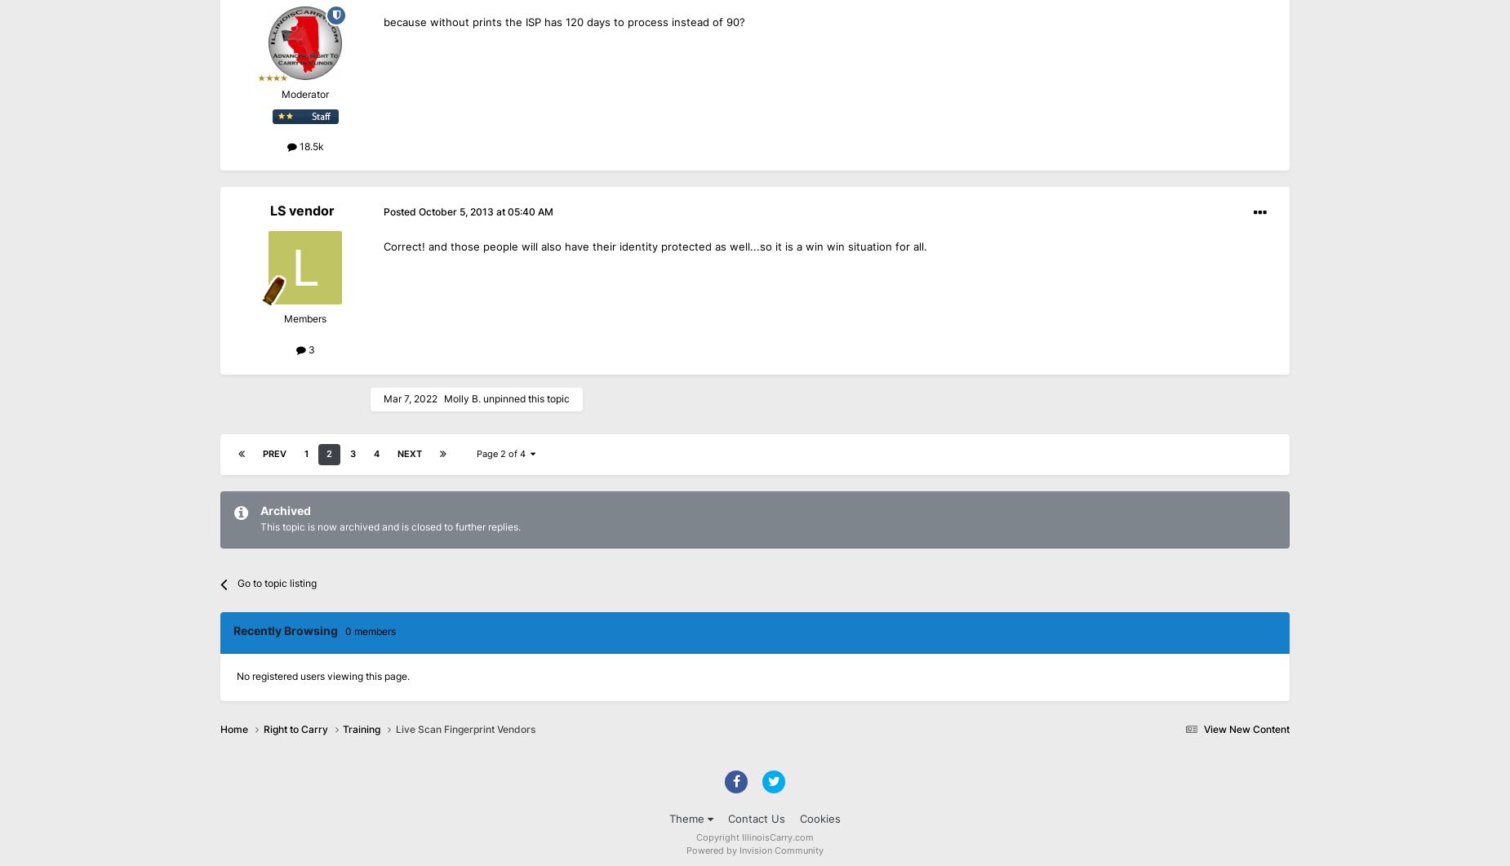  Describe the element at coordinates (688, 818) in the screenshot. I see `'Theme'` at that location.